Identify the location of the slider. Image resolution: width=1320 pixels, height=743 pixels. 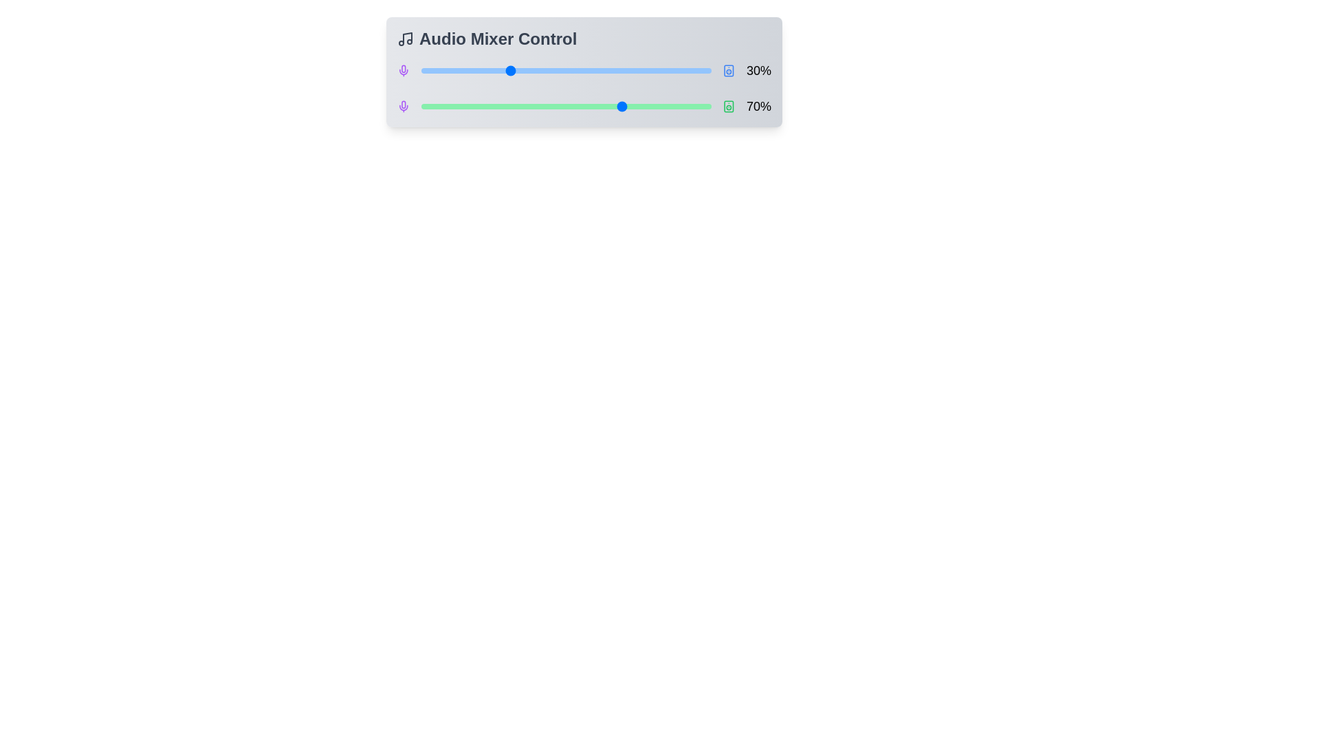
(428, 71).